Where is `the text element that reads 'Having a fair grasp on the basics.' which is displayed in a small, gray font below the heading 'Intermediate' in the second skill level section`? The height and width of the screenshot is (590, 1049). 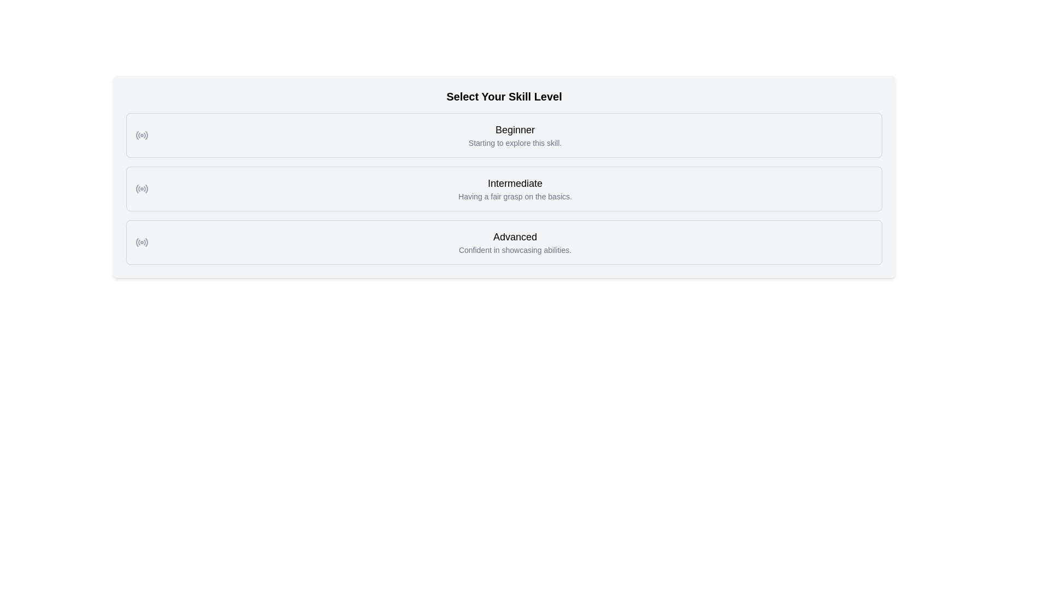 the text element that reads 'Having a fair grasp on the basics.' which is displayed in a small, gray font below the heading 'Intermediate' in the second skill level section is located at coordinates (514, 196).